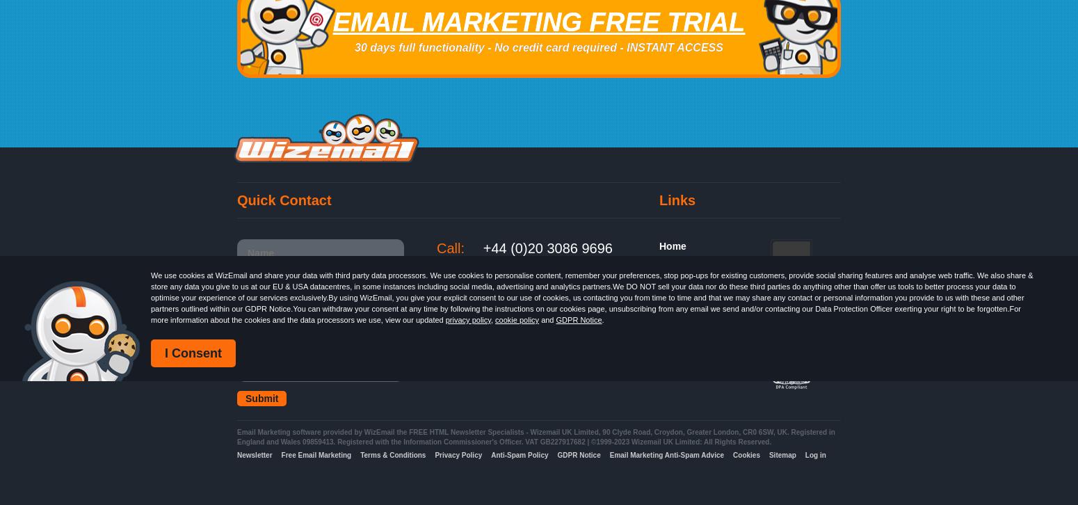 This screenshot has width=1078, height=505. I want to click on 'Cookies', so click(746, 454).